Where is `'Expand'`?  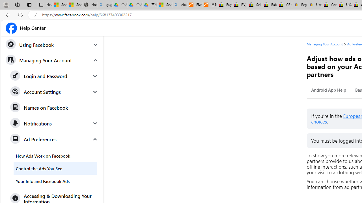 'Expand' is located at coordinates (95, 139).